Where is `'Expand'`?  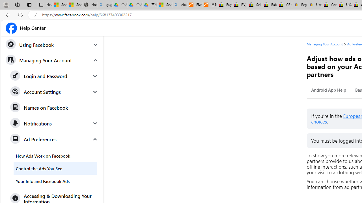 'Expand' is located at coordinates (95, 139).